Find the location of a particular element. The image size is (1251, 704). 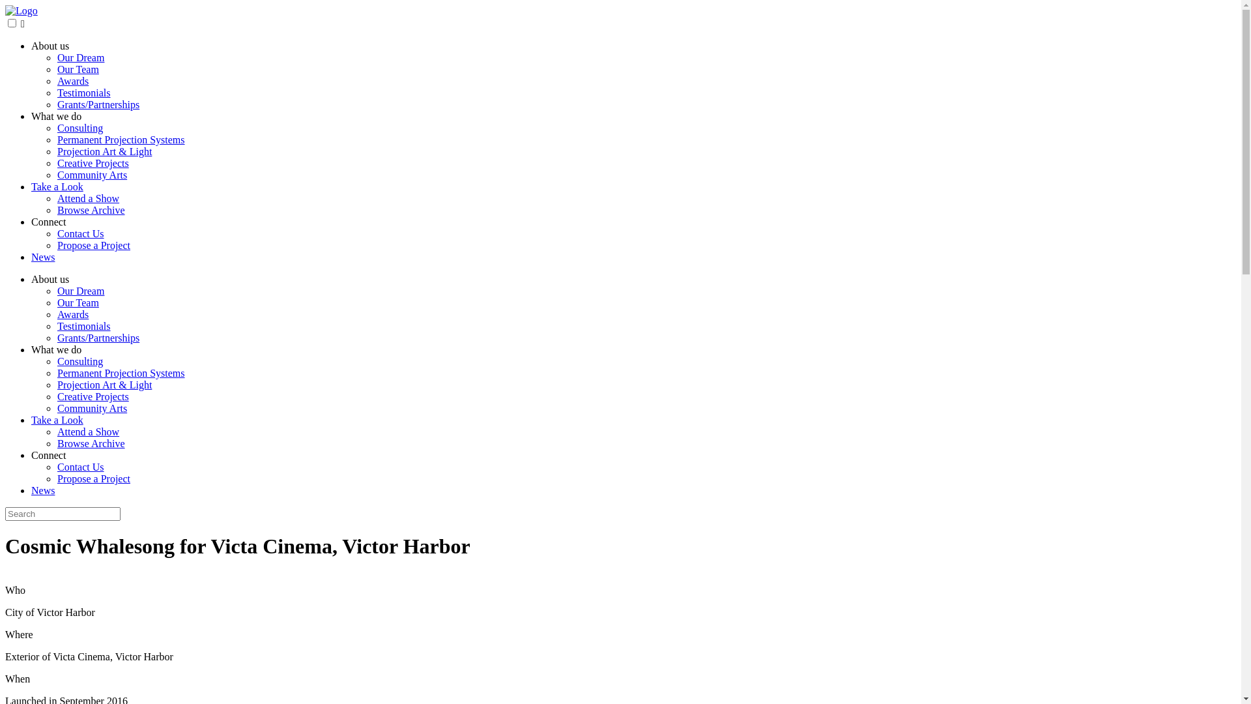

'Propose a Project' is located at coordinates (93, 478).